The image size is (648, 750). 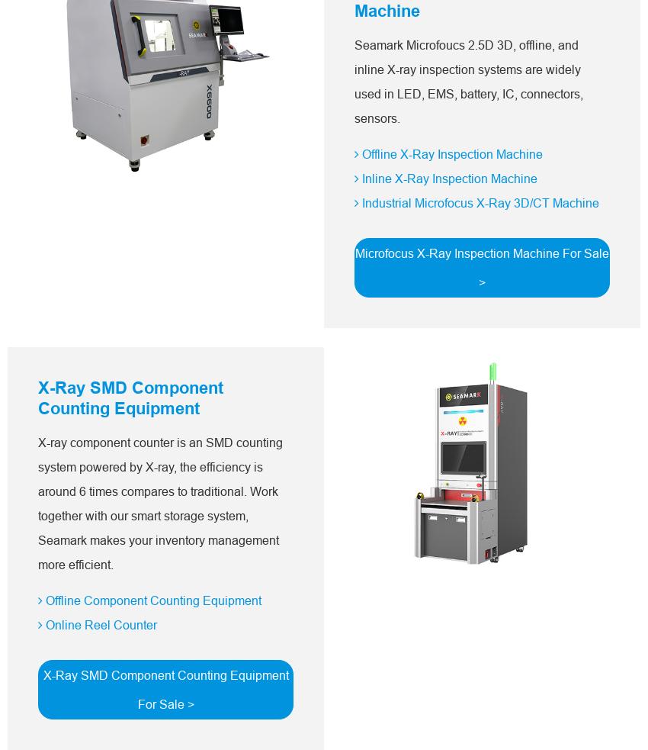 I want to click on 'Industrial Microfocus X-Ray 3D/CT Machine', so click(x=478, y=202).